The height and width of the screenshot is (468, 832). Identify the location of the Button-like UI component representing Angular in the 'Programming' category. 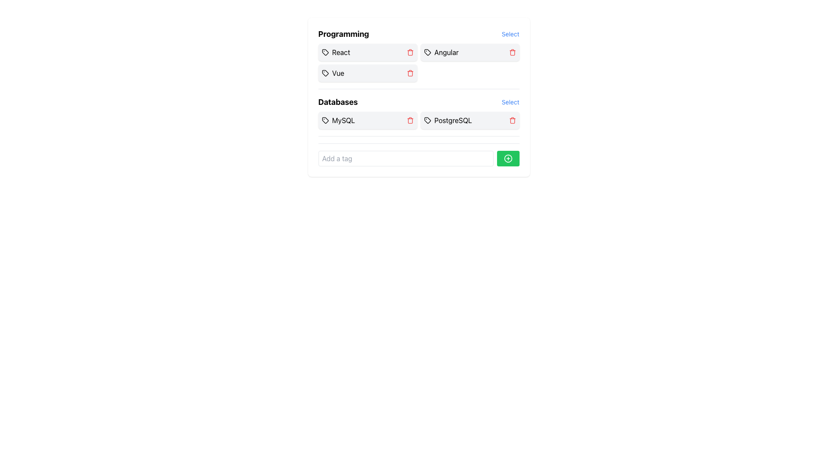
(469, 52).